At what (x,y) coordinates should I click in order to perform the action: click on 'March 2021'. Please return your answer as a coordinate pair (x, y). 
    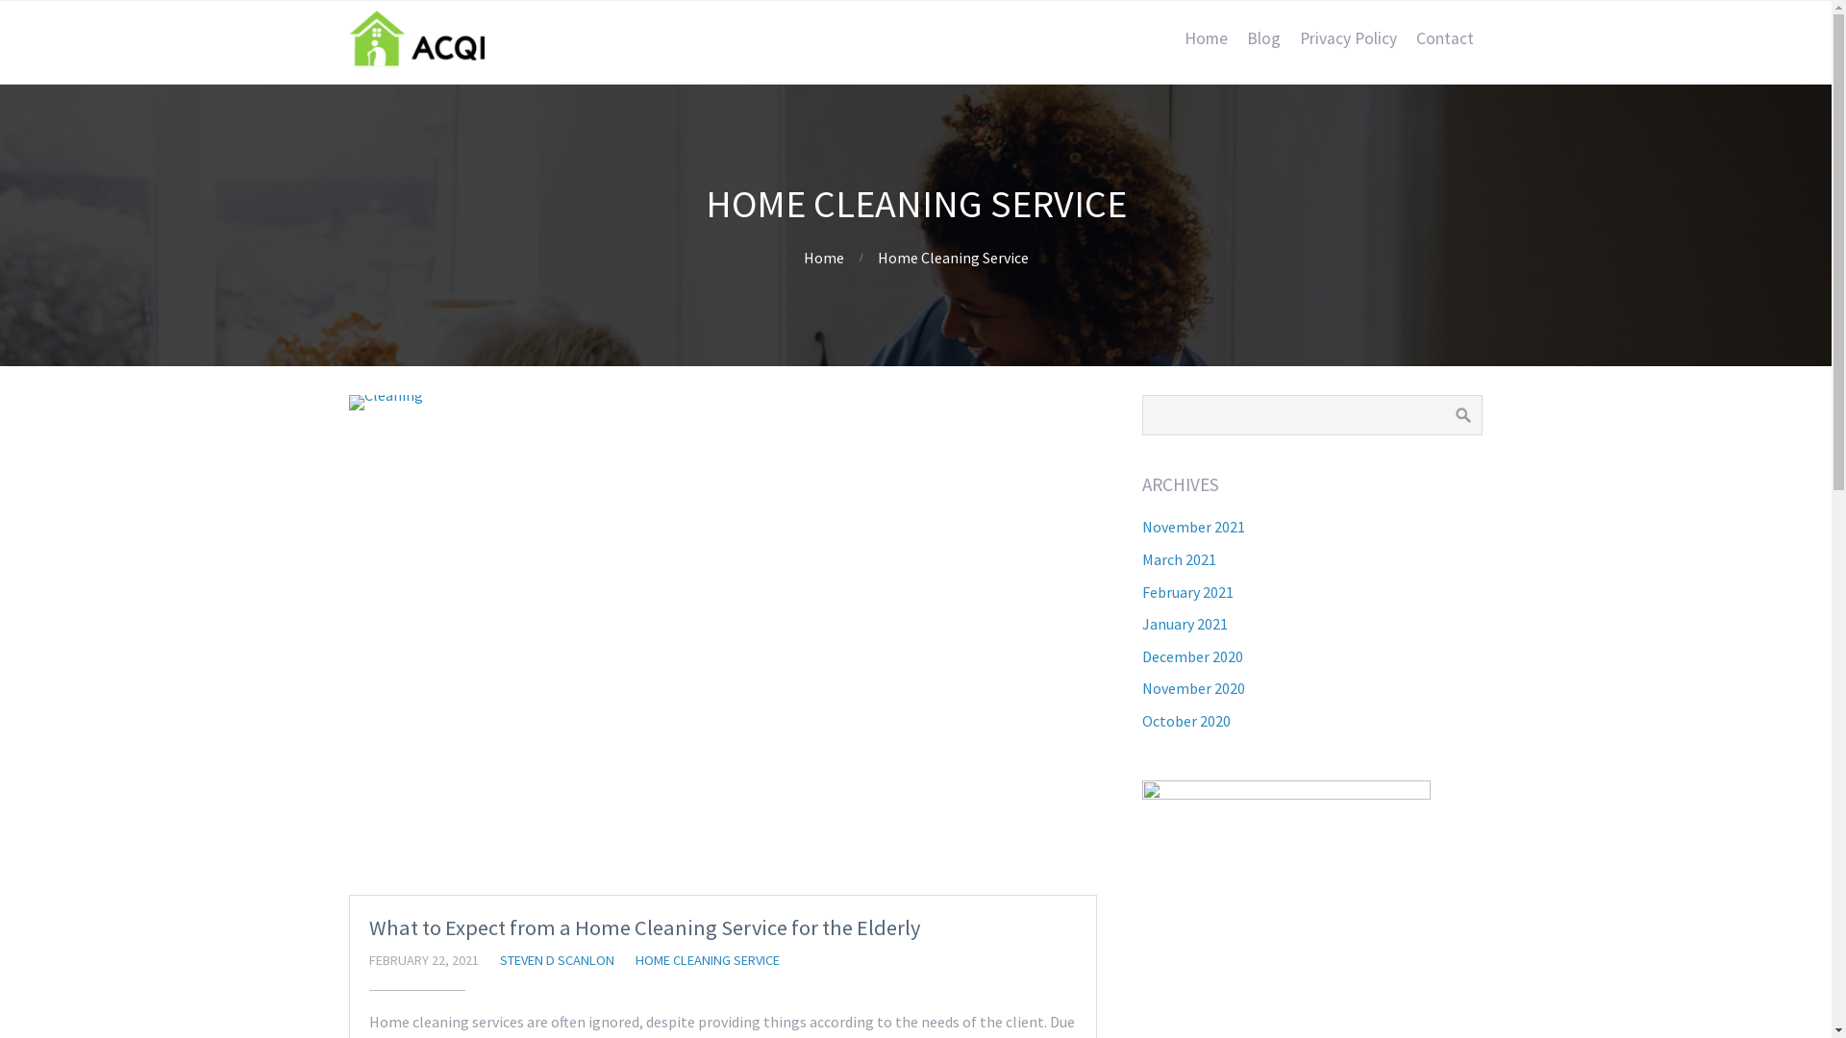
    Looking at the image, I should click on (1178, 559).